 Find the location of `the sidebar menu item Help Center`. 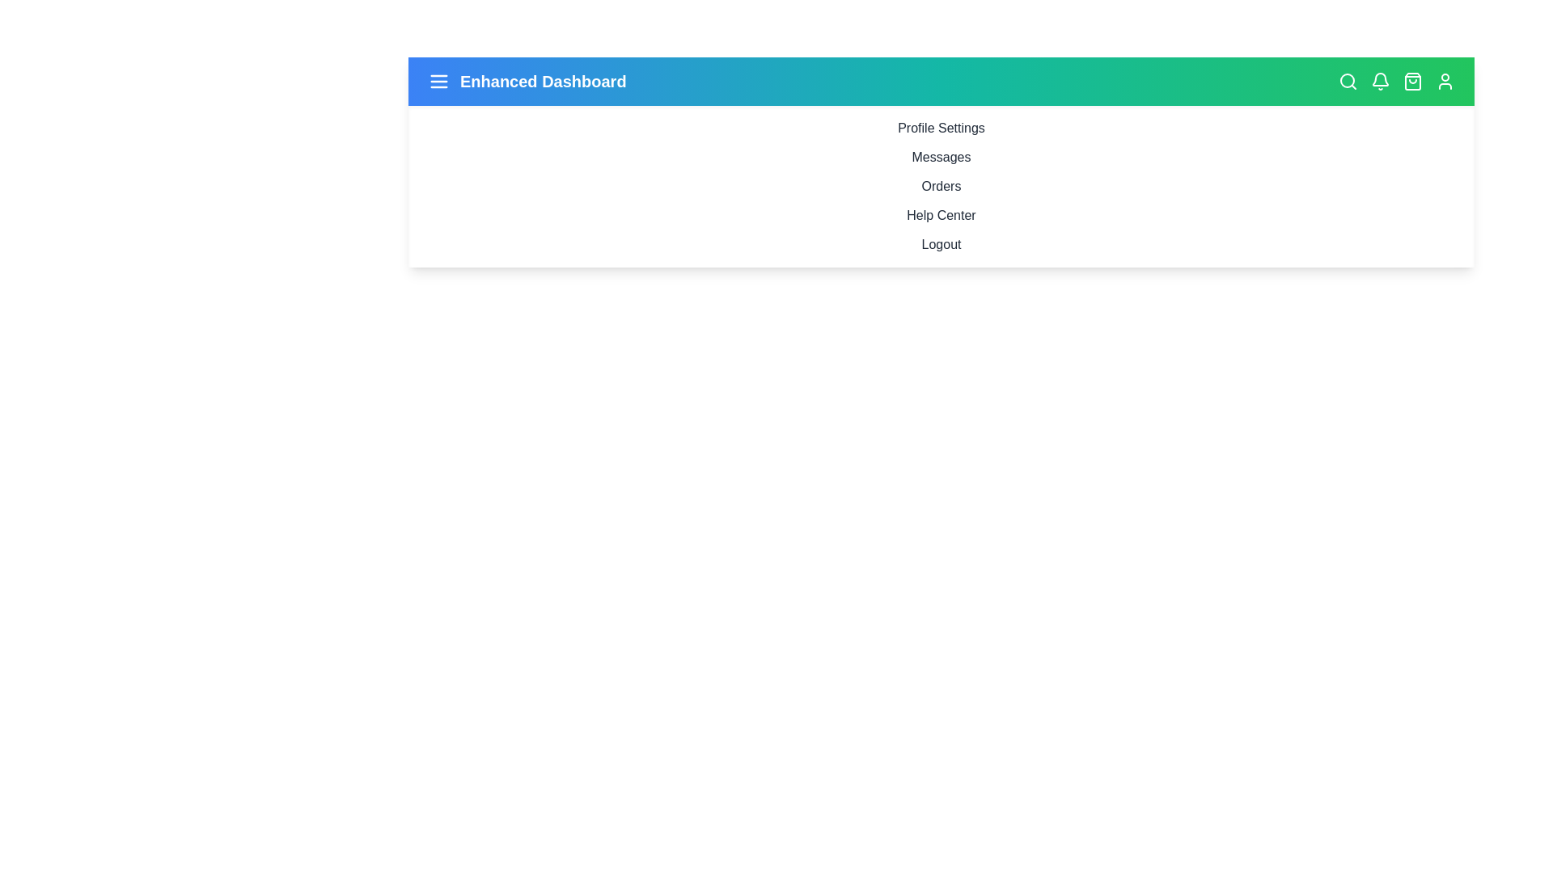

the sidebar menu item Help Center is located at coordinates (941, 214).